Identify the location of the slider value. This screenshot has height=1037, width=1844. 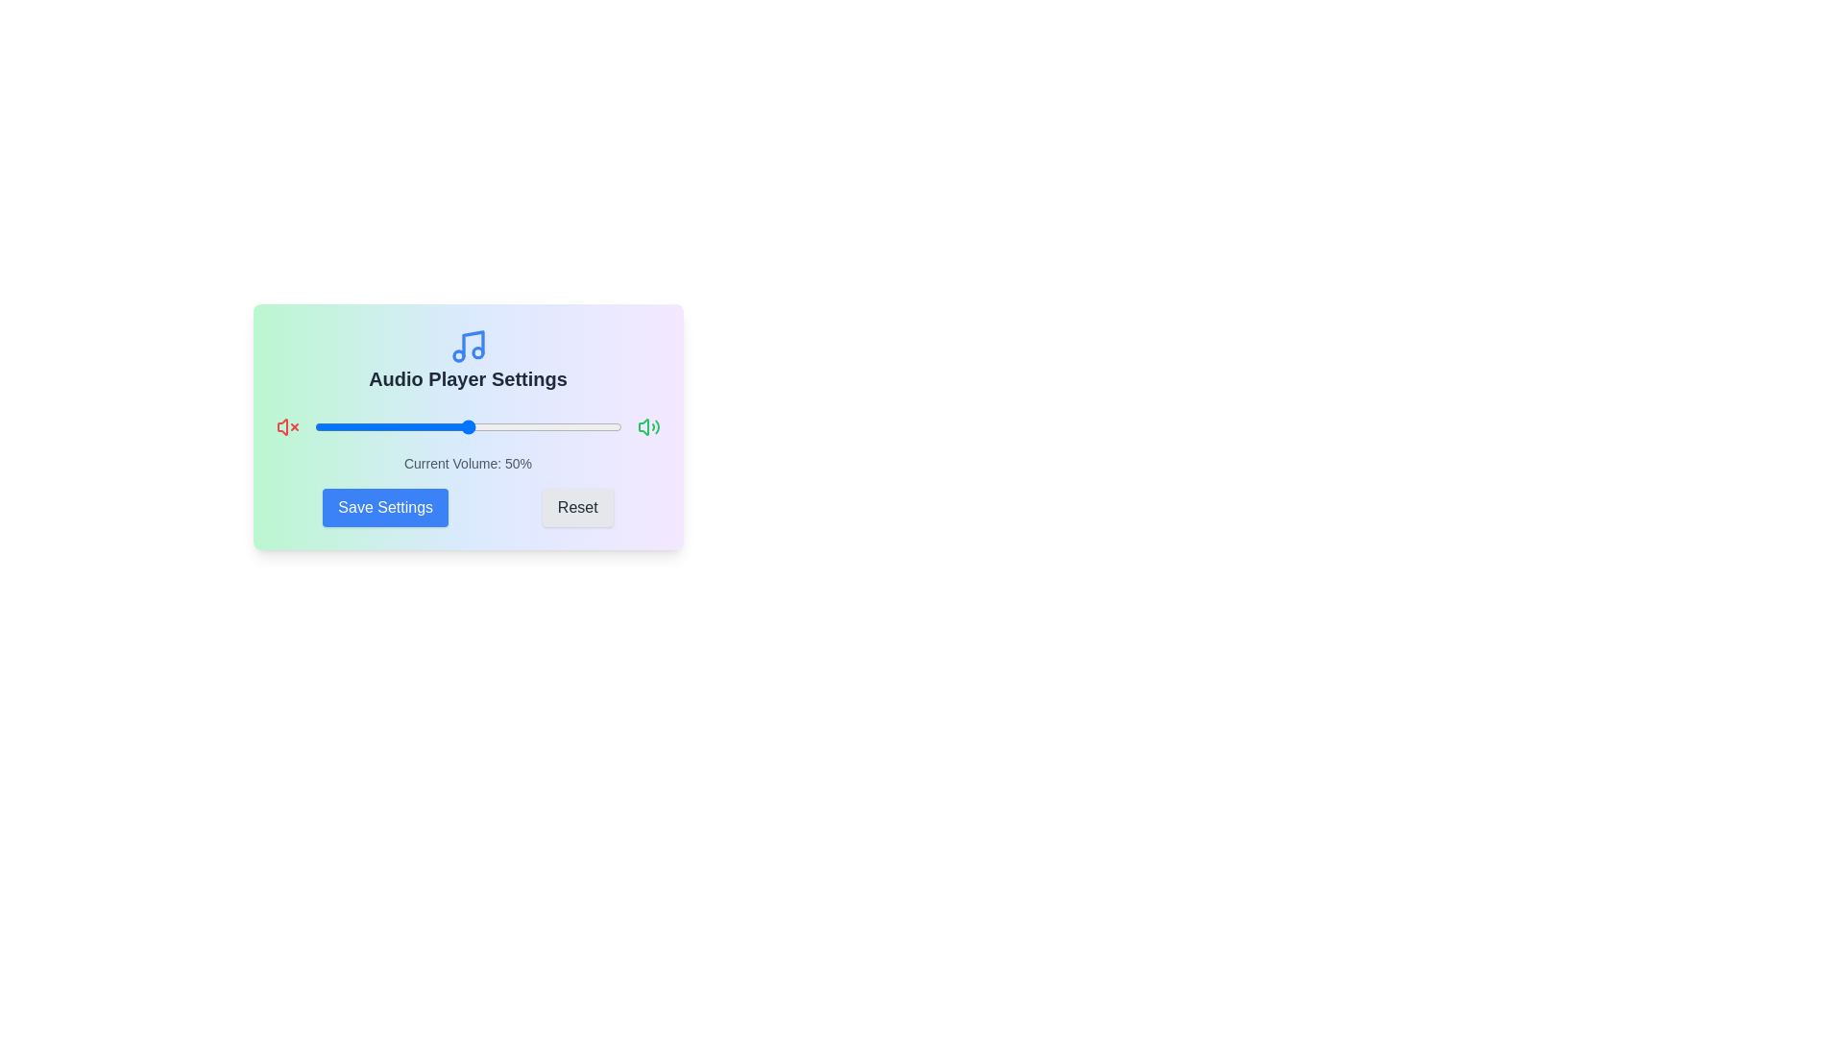
(402, 425).